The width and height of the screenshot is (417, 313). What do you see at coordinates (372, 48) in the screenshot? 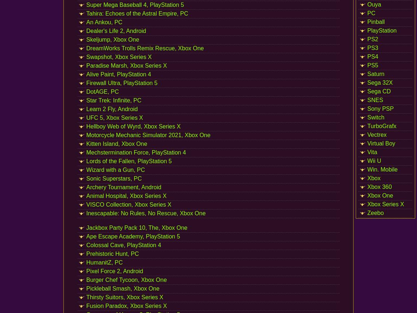
I see `'PS3'` at bounding box center [372, 48].